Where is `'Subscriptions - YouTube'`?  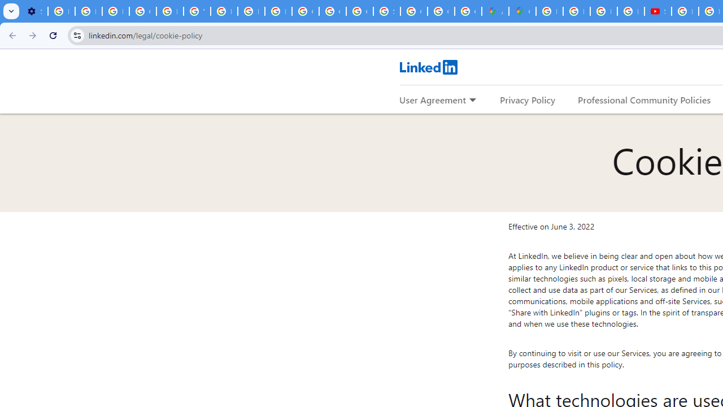
'Subscriptions - YouTube' is located at coordinates (657, 11).